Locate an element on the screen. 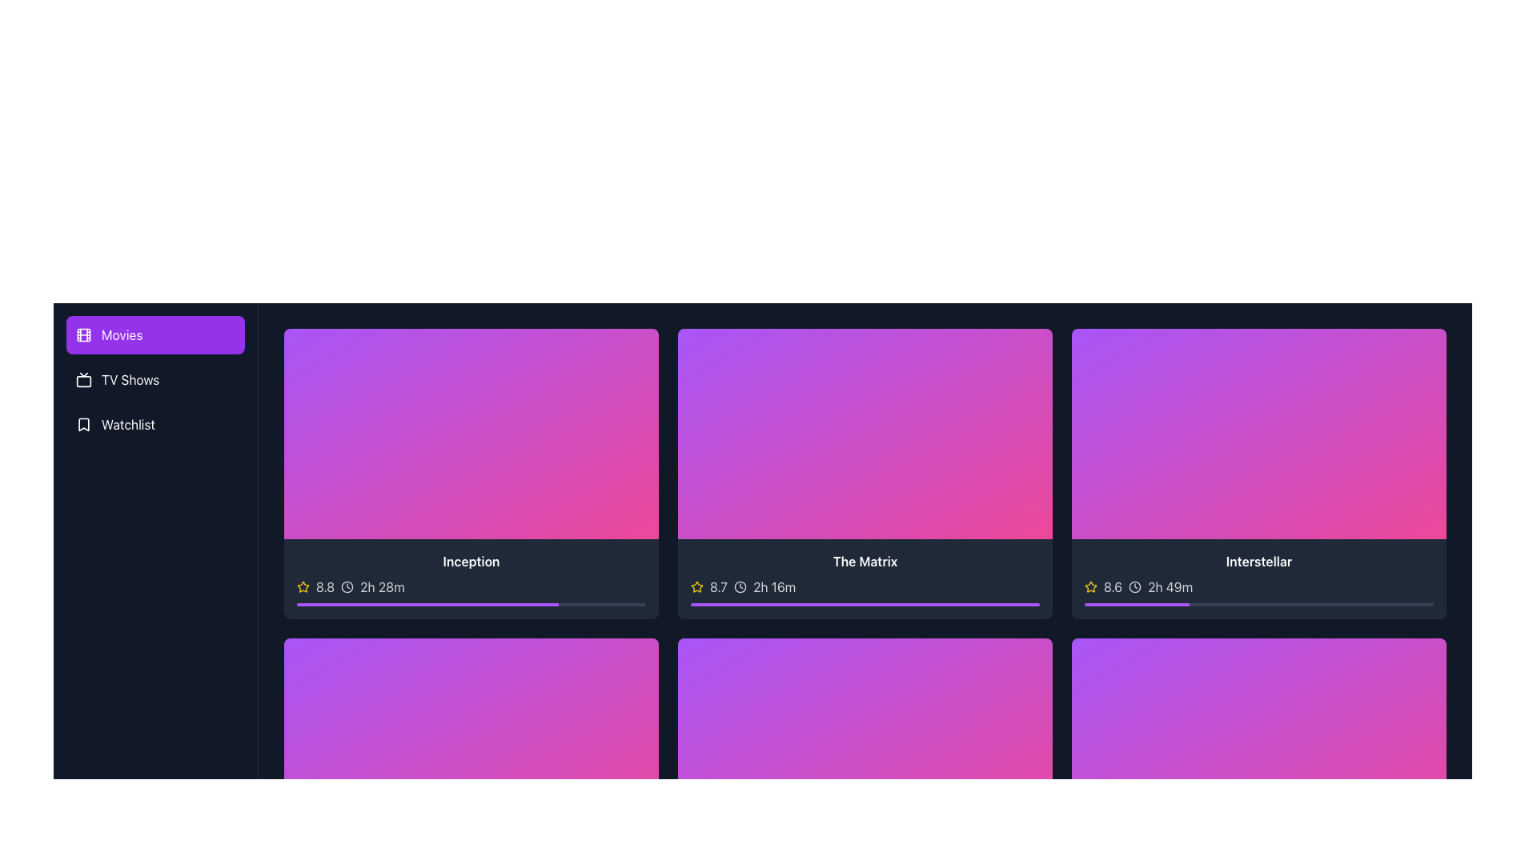  the clock icon representing the duration of the movie 'The Matrix' located in the footer of its card, positioned after the star rating icon and before the text '2h 16m' is located at coordinates (740, 587).